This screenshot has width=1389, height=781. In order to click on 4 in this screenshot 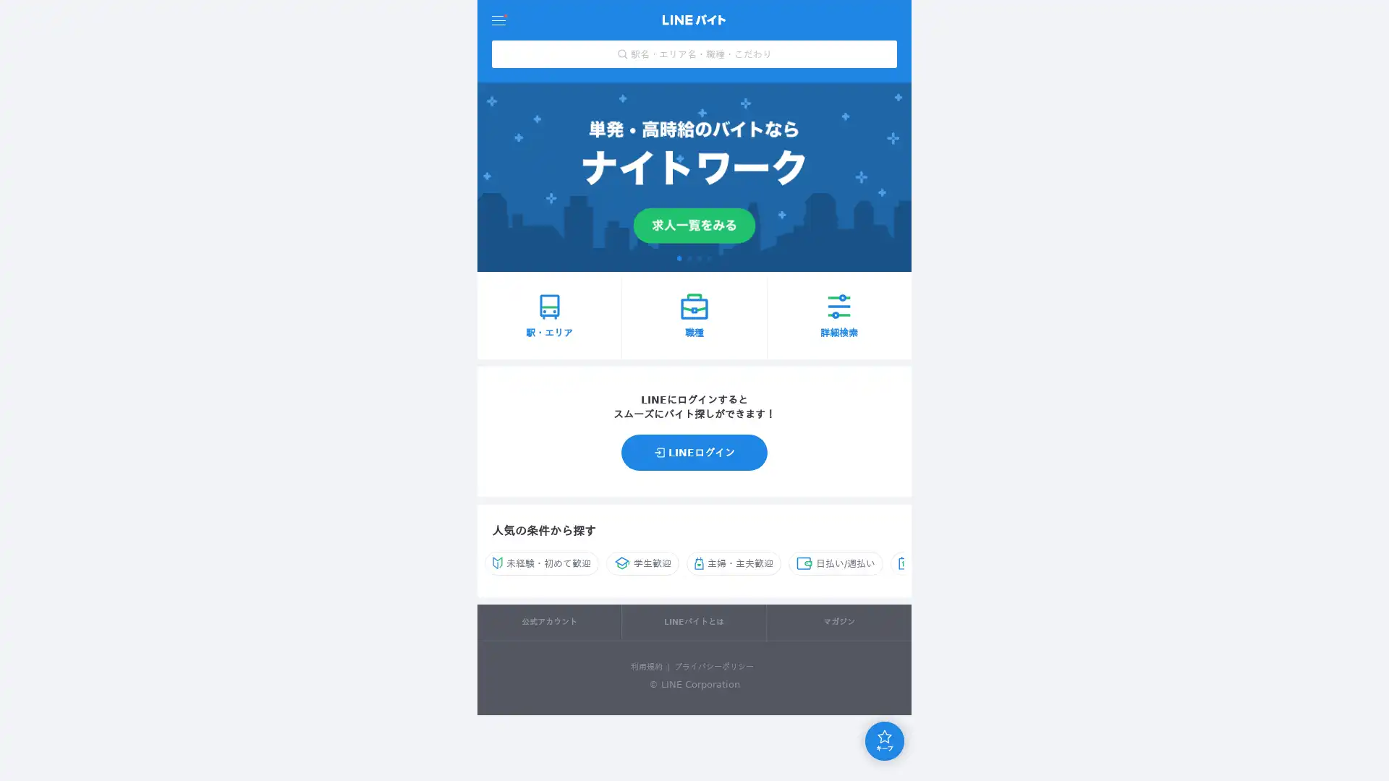, I will do `click(708, 257)`.